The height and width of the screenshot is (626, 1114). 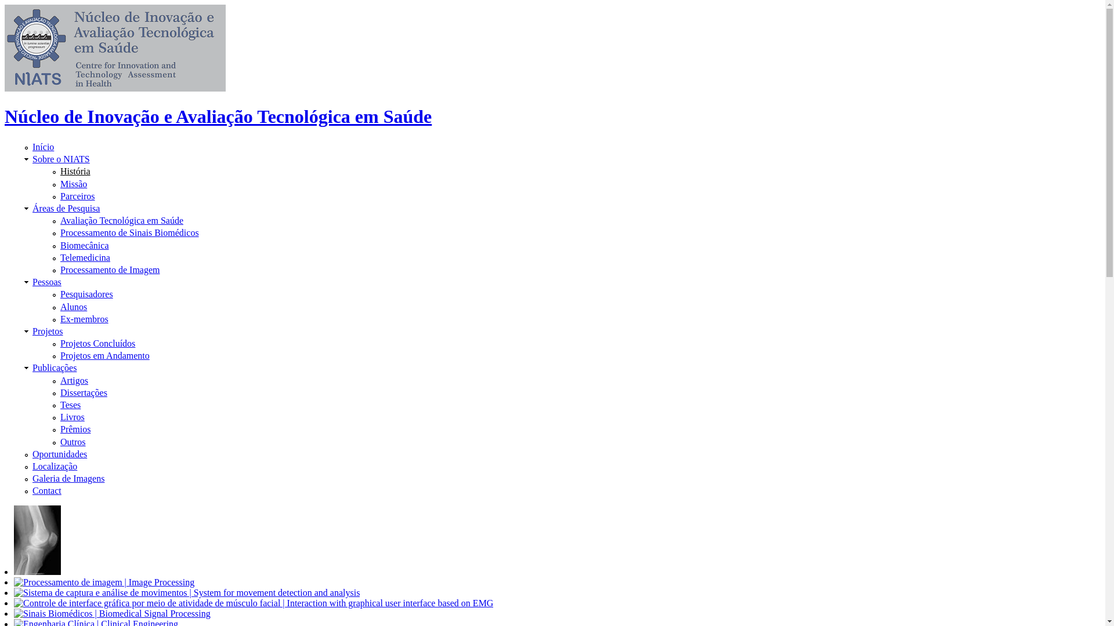 What do you see at coordinates (74, 380) in the screenshot?
I see `'Artigos'` at bounding box center [74, 380].